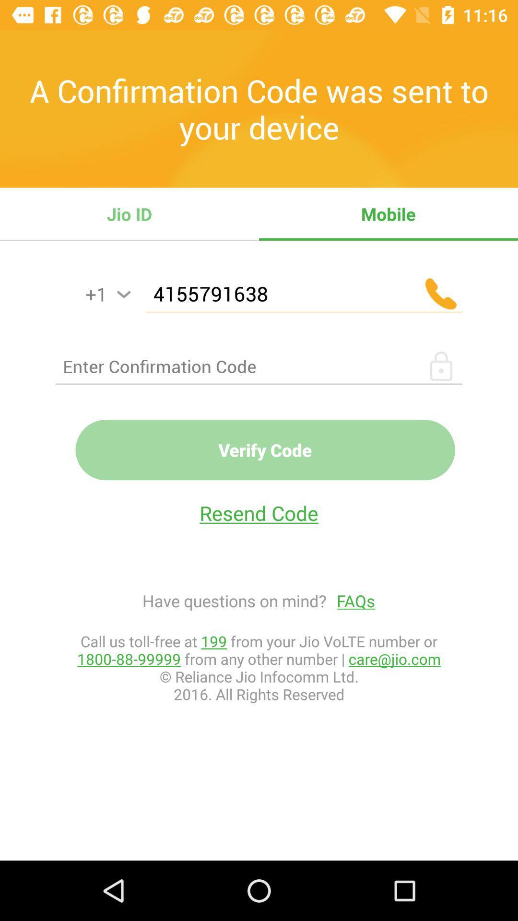  Describe the element at coordinates (259, 512) in the screenshot. I see `the resend code item` at that location.